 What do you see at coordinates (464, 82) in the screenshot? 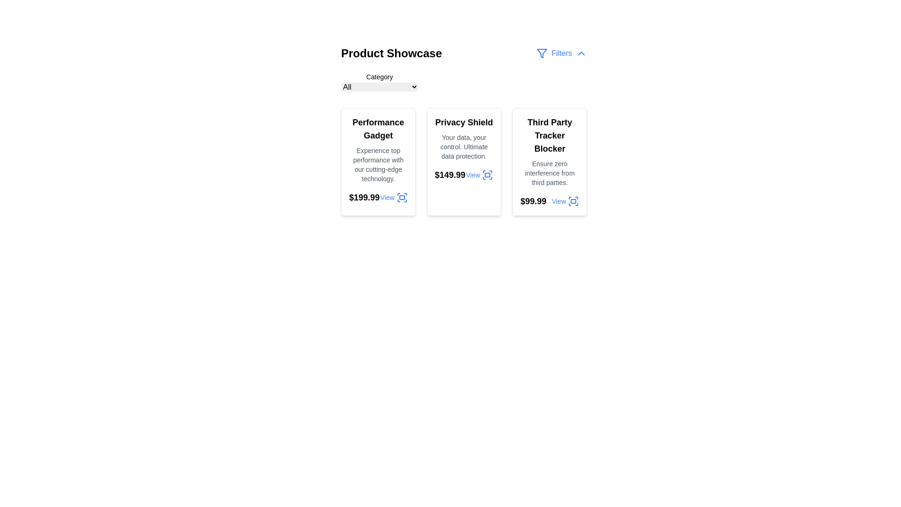
I see `an option from the dropdown menu labeled 'Category', which is located below the 'Product Showcase' header and next to the 'Filters' button` at bounding box center [464, 82].